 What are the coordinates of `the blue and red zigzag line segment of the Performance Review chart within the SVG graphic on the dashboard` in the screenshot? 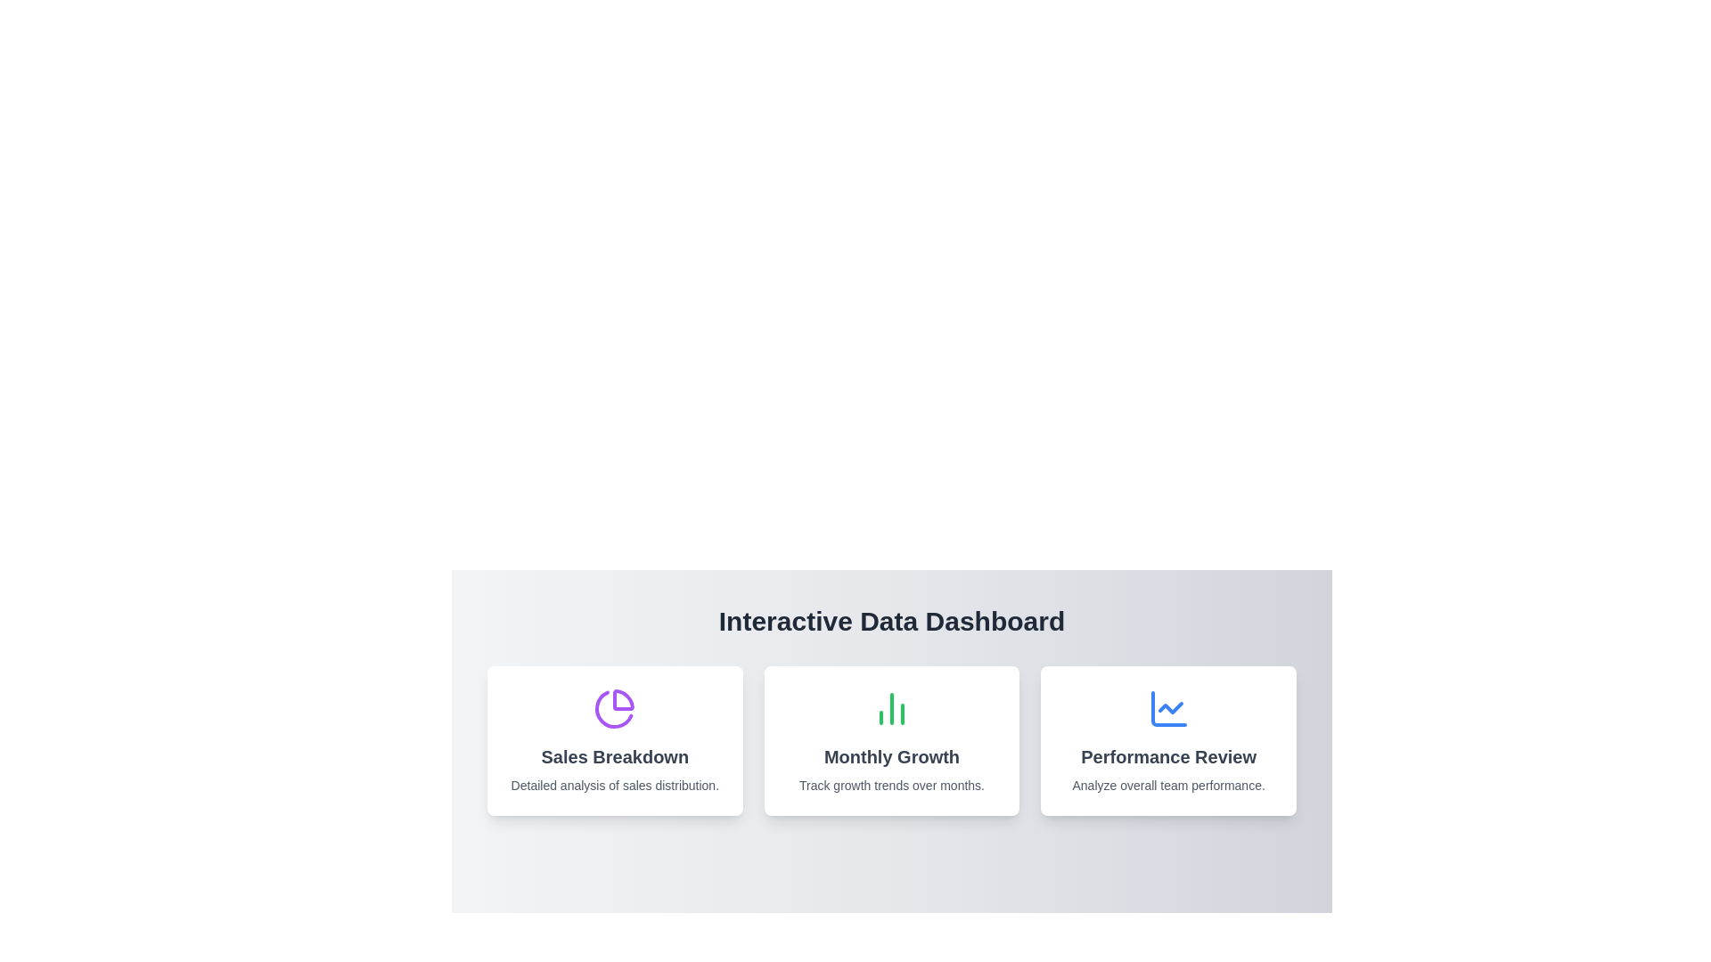 It's located at (1170, 706).